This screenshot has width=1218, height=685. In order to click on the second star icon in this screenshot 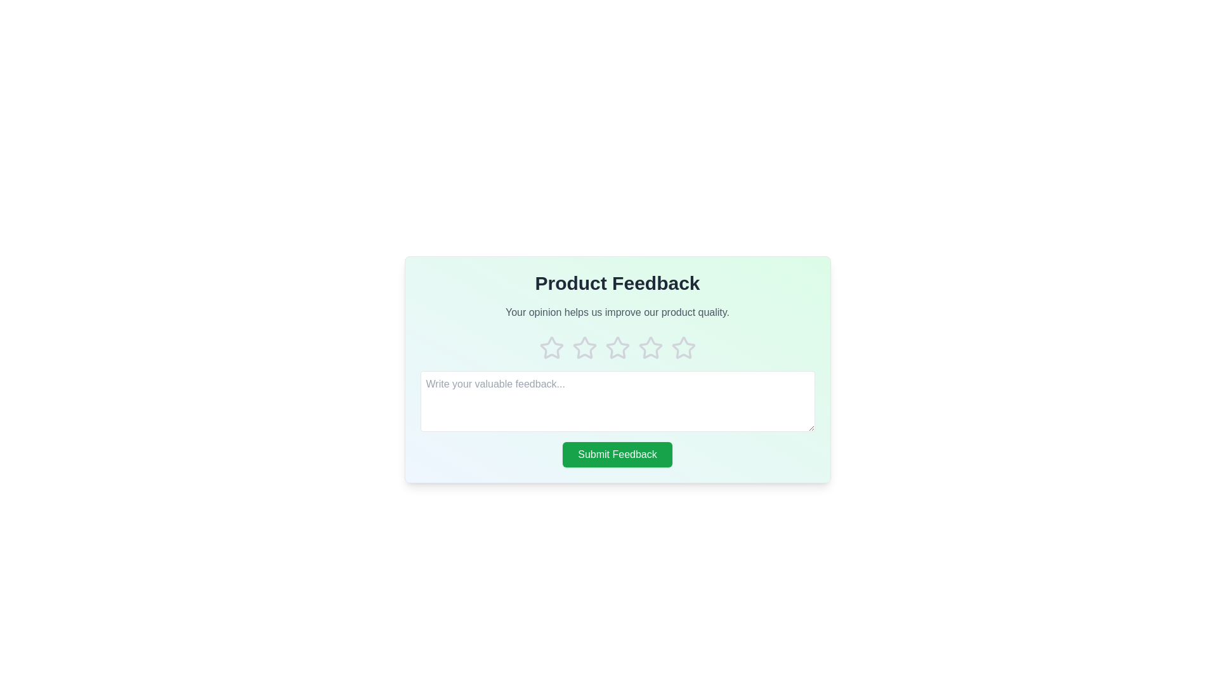, I will do `click(584, 347)`.